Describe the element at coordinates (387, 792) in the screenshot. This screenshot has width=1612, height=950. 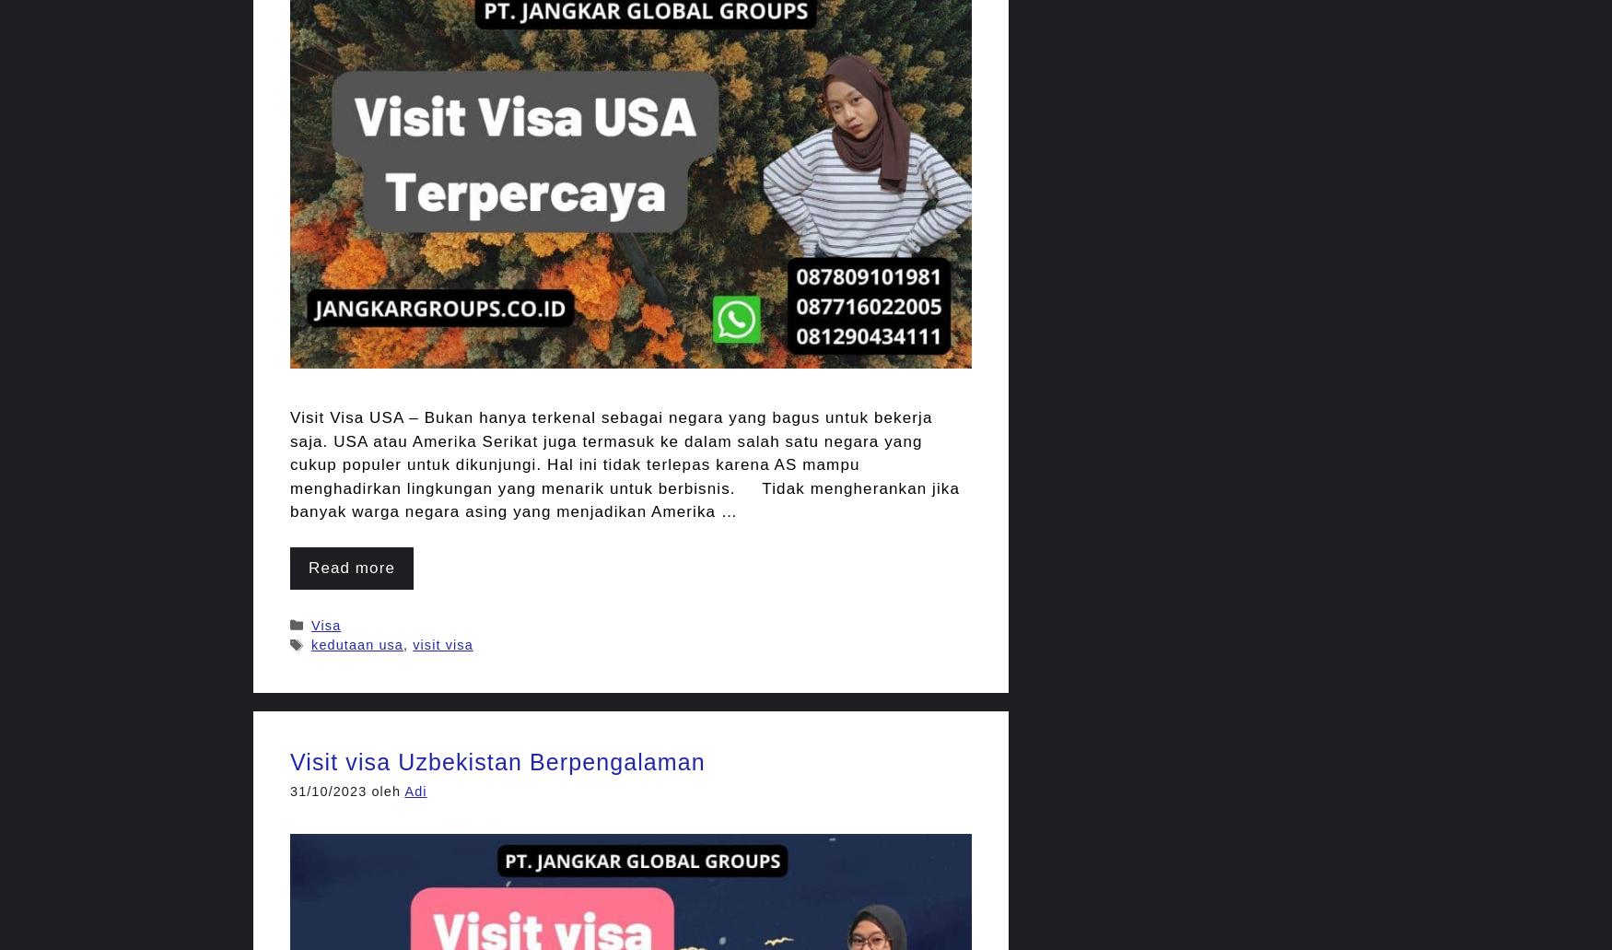
I see `'oleh'` at that location.